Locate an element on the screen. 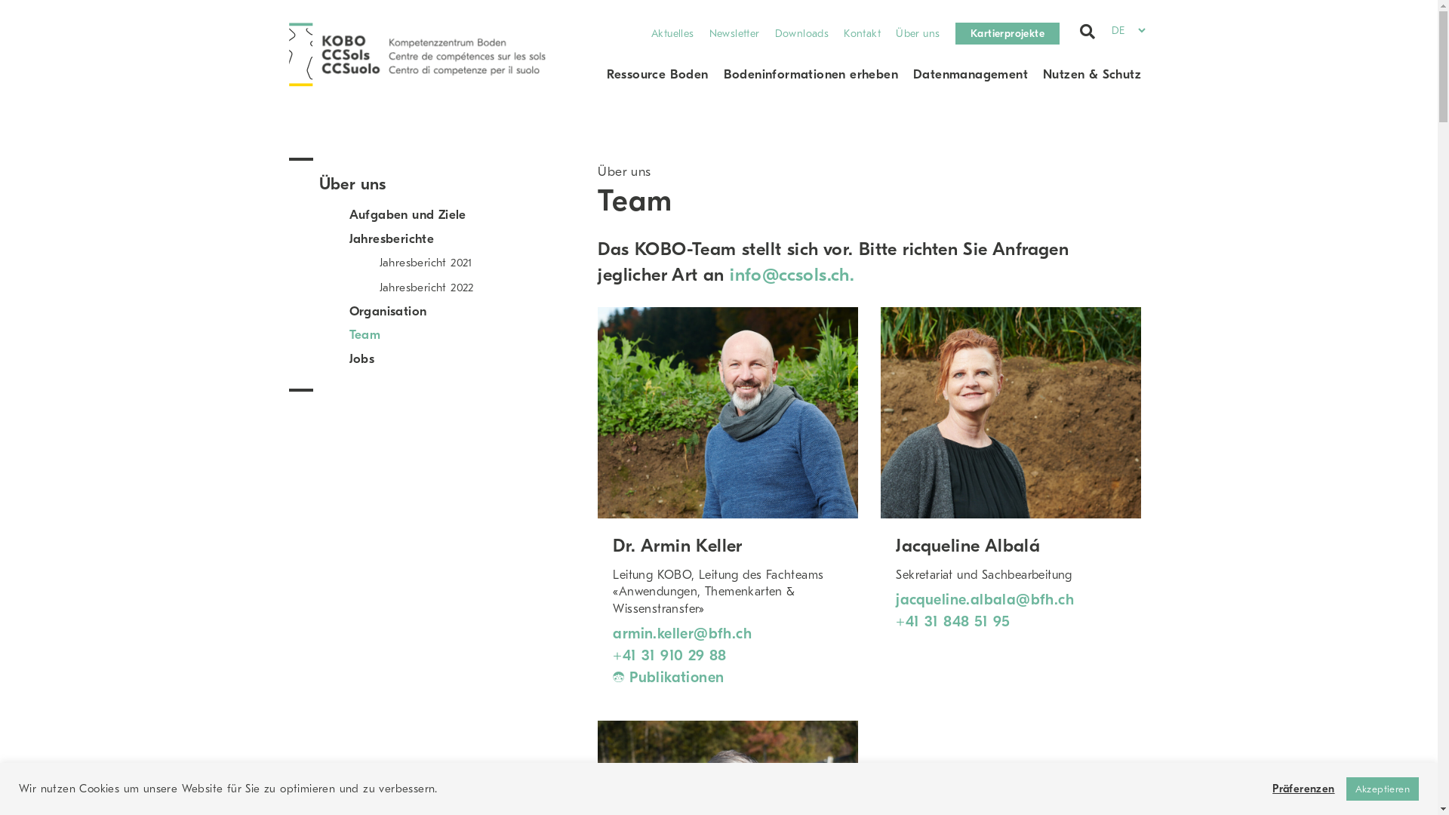 Image resolution: width=1449 pixels, height=815 pixels. 'Nutzen & Schutz' is located at coordinates (1091, 75).